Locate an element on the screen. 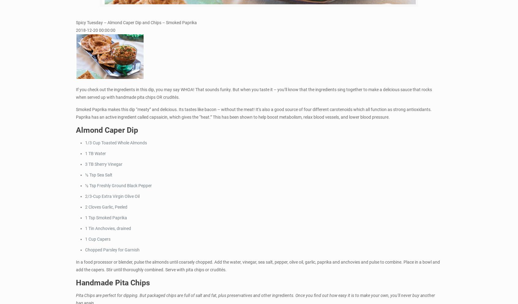 Image resolution: width=518 pixels, height=304 pixels. '2/3-Cup Extra Virgin Olive Oil' is located at coordinates (112, 196).